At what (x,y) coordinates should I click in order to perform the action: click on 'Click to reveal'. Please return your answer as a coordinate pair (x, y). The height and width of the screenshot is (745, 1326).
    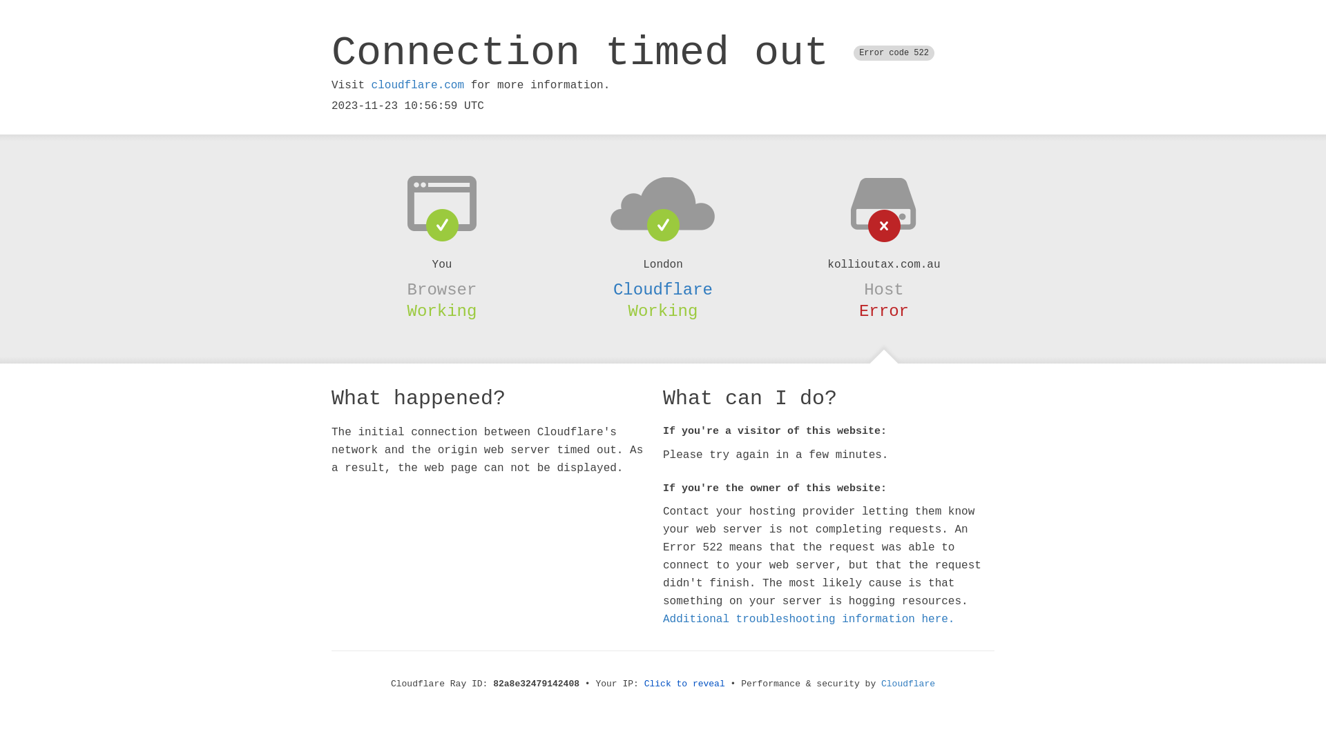
    Looking at the image, I should click on (684, 684).